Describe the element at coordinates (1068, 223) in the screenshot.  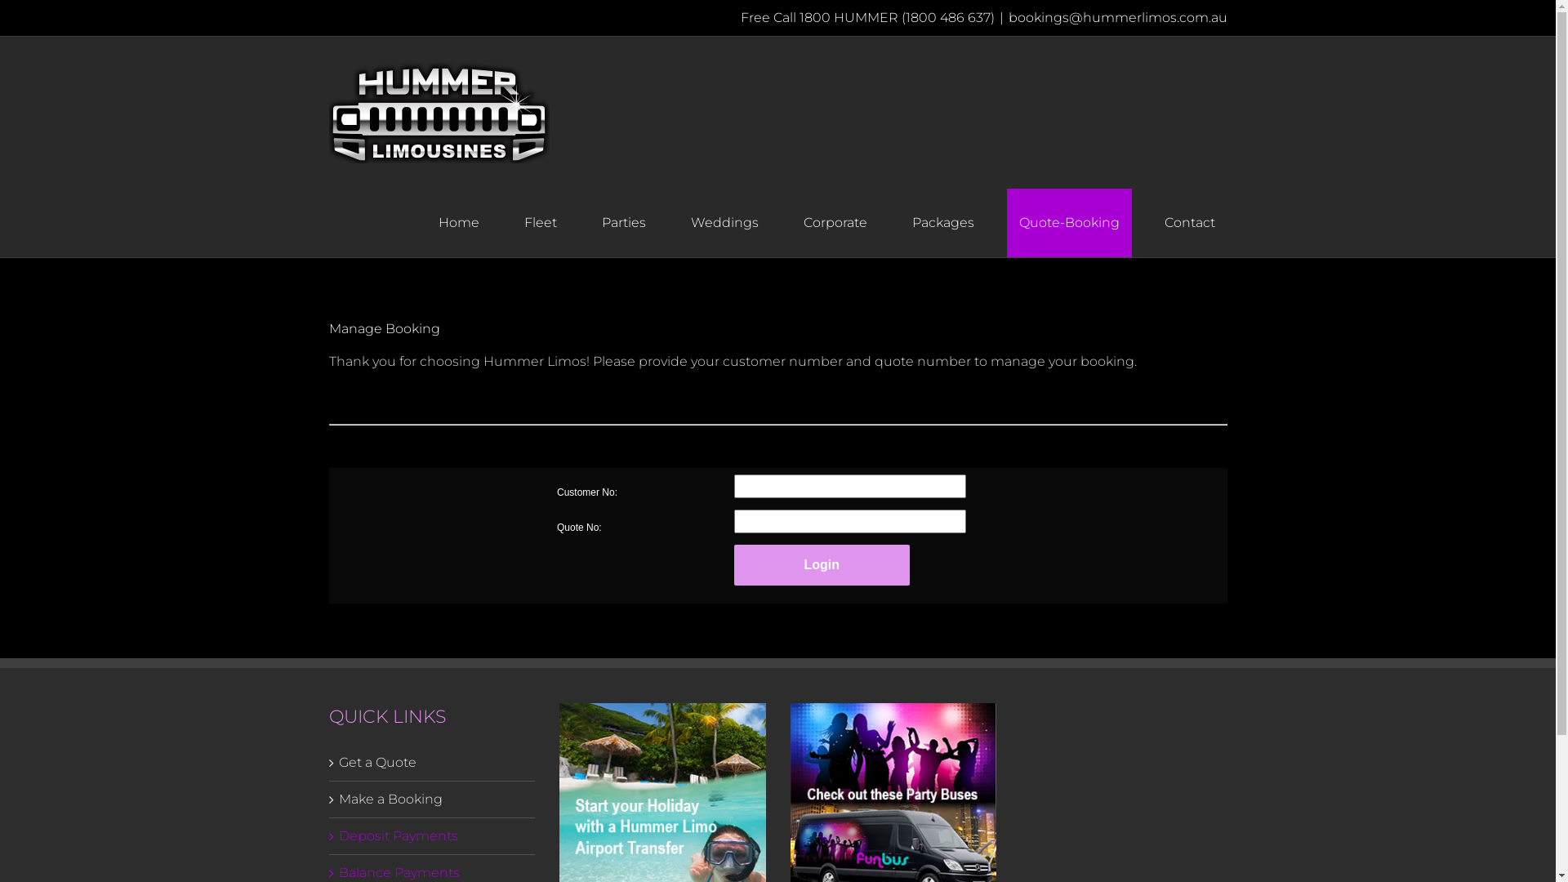
I see `'Quote-Booking'` at that location.